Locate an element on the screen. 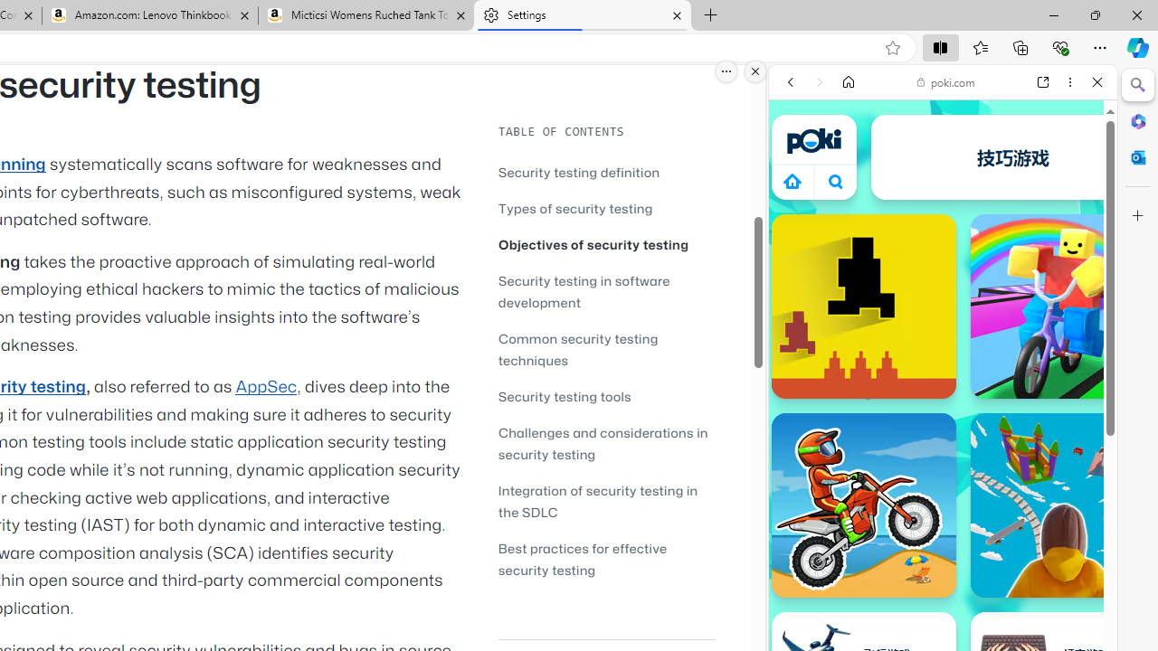  'Challenges and considerations in security testing' is located at coordinates (606, 443).